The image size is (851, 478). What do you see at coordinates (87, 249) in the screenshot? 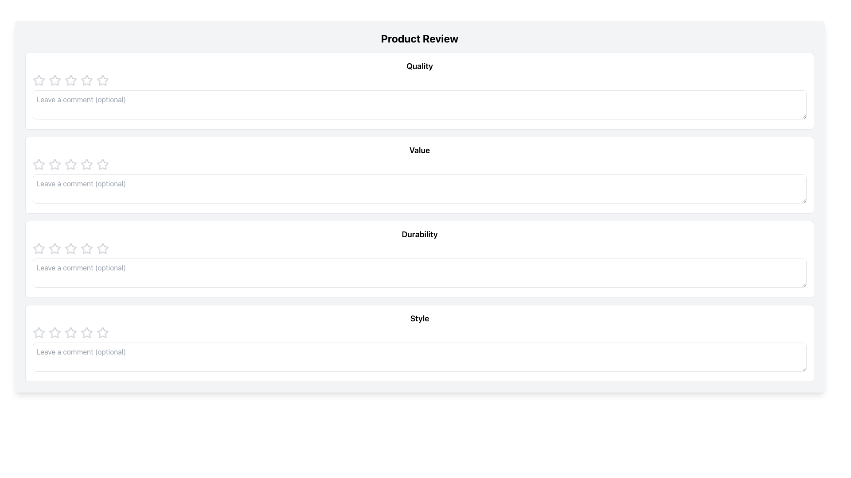
I see `the fifth star-shaped Rating Star icon with a hollow interior located under the 'Durability' section of the product review form` at bounding box center [87, 249].